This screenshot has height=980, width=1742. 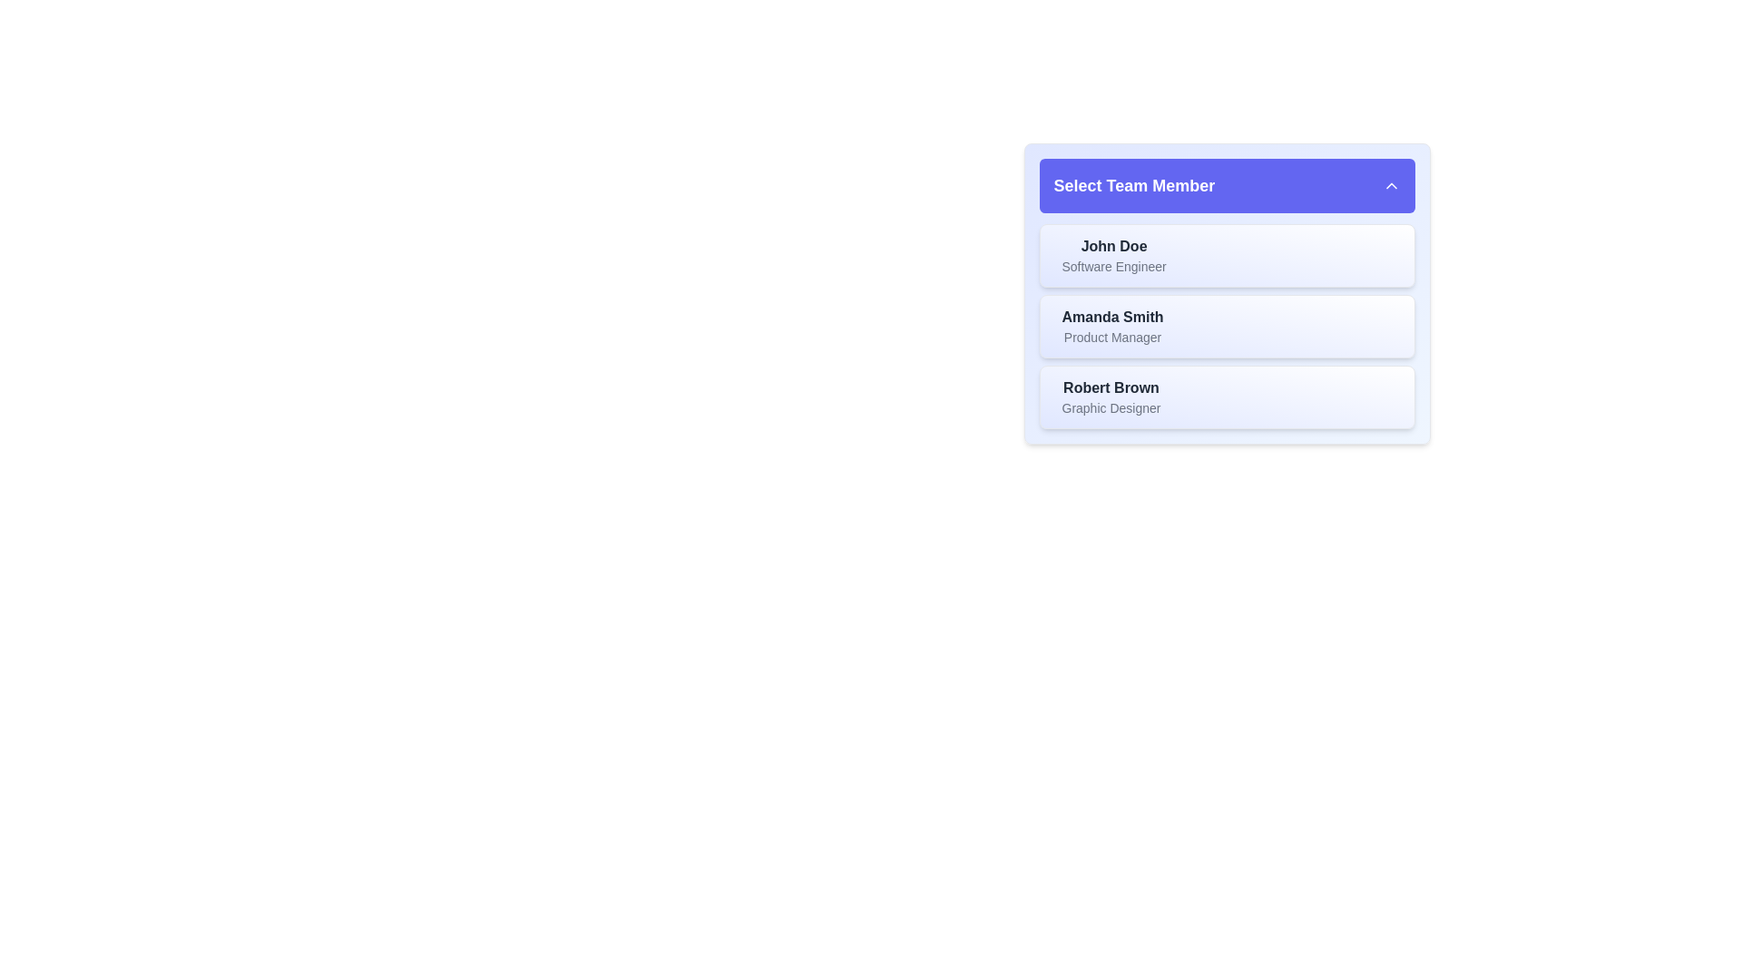 I want to click on the text display element that shows the name 'Amanda Smith' and the job title 'Product Manager', so click(x=1111, y=325).